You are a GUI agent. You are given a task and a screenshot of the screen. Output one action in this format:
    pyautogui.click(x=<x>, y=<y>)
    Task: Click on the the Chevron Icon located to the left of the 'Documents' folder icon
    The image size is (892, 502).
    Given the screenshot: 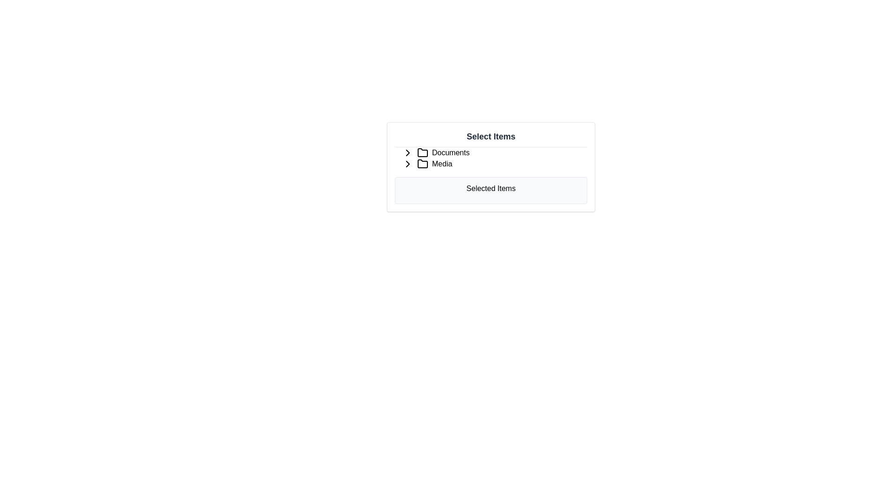 What is the action you would take?
    pyautogui.click(x=408, y=152)
    